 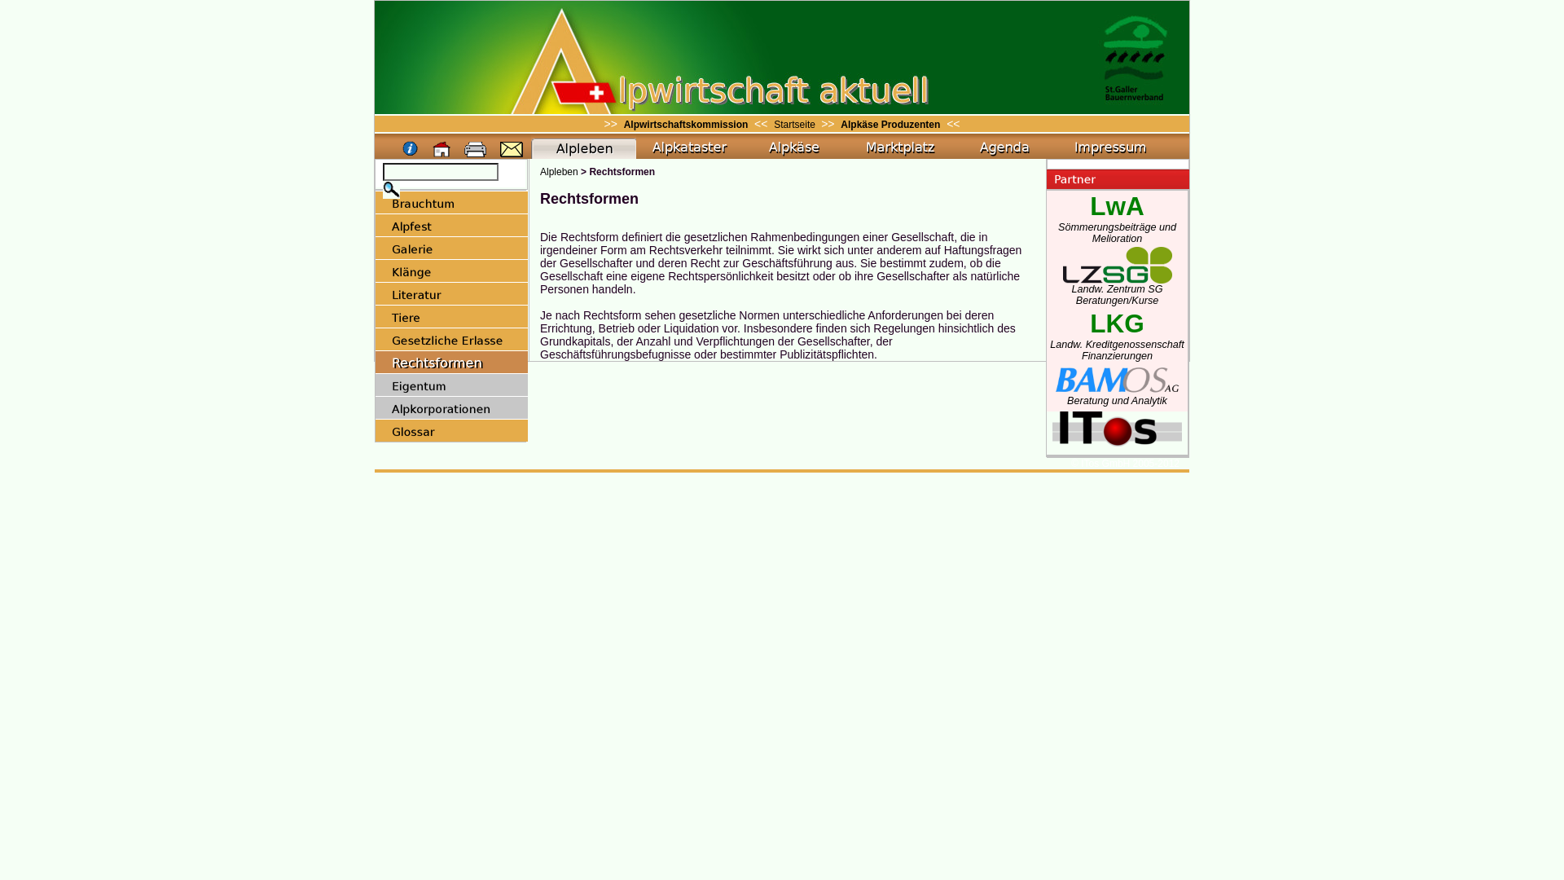 I want to click on 'LKG, so click(x=1050, y=341).